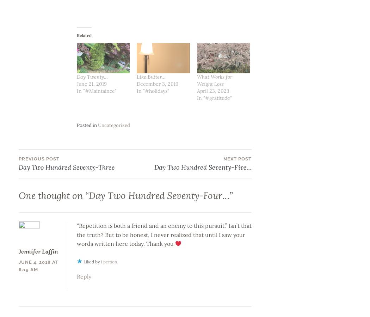 This screenshot has height=317, width=370. I want to click on '1 person', so click(108, 261).